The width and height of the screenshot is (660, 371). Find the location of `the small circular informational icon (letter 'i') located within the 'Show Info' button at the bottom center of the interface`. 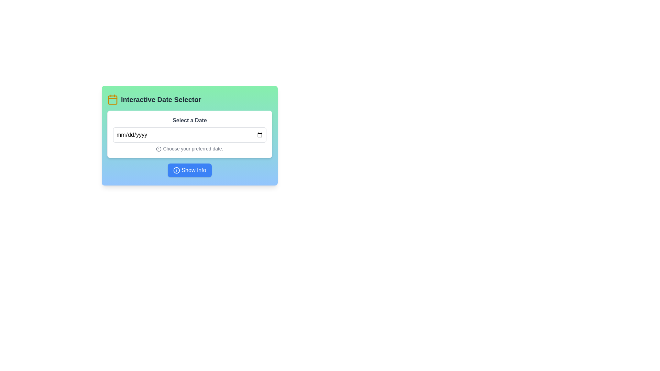

the small circular informational icon (letter 'i') located within the 'Show Info' button at the bottom center of the interface is located at coordinates (177, 170).